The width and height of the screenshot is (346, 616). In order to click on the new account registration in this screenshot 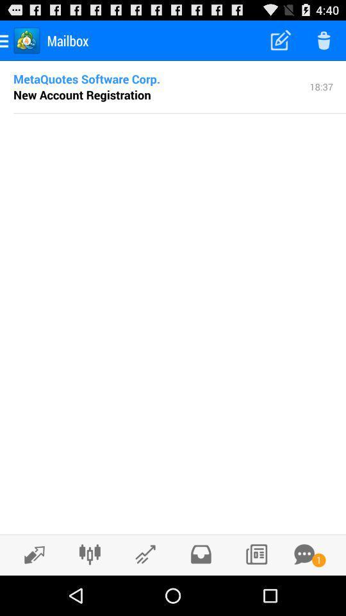, I will do `click(82, 94)`.